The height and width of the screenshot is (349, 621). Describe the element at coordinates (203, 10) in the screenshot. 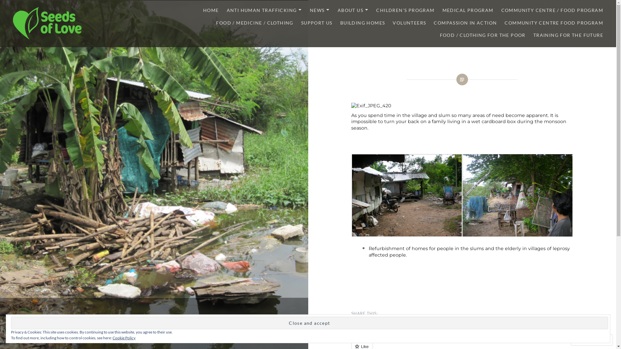

I see `'HOME'` at that location.